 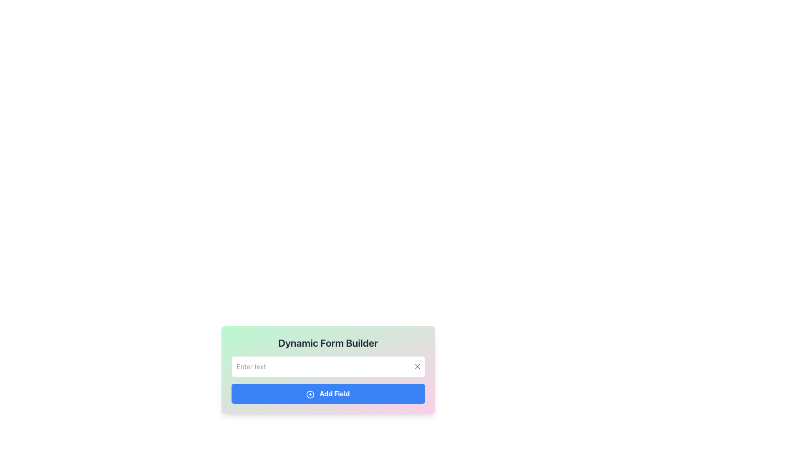 I want to click on the clear button located on the right side of the text input field, so click(x=417, y=366).